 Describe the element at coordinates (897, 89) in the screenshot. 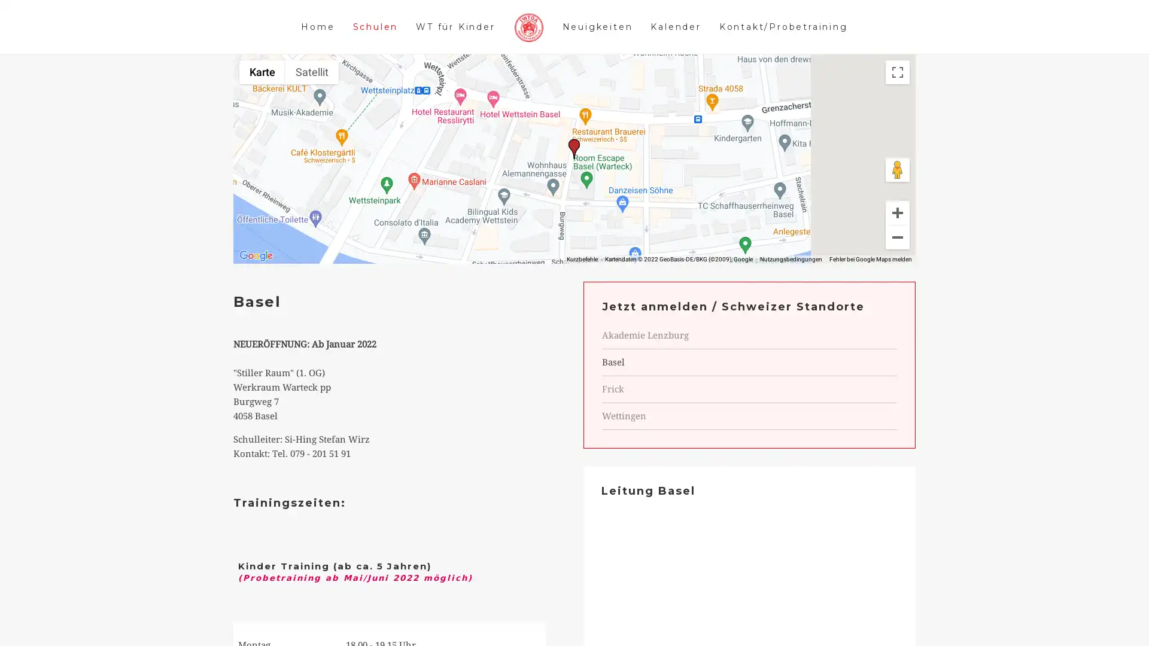

I see `Vollbildansicht ein/aus` at that location.